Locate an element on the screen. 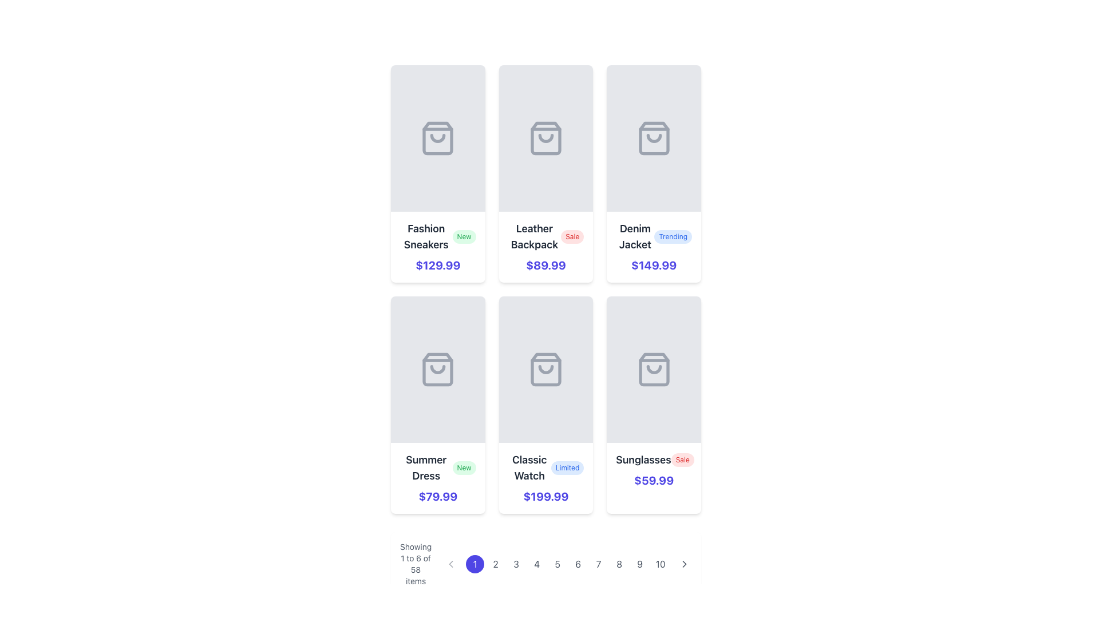  the text label that reads 'Leather Backpack', which is styled in a large, bold font and positioned centrally within its product card is located at coordinates (533, 236).